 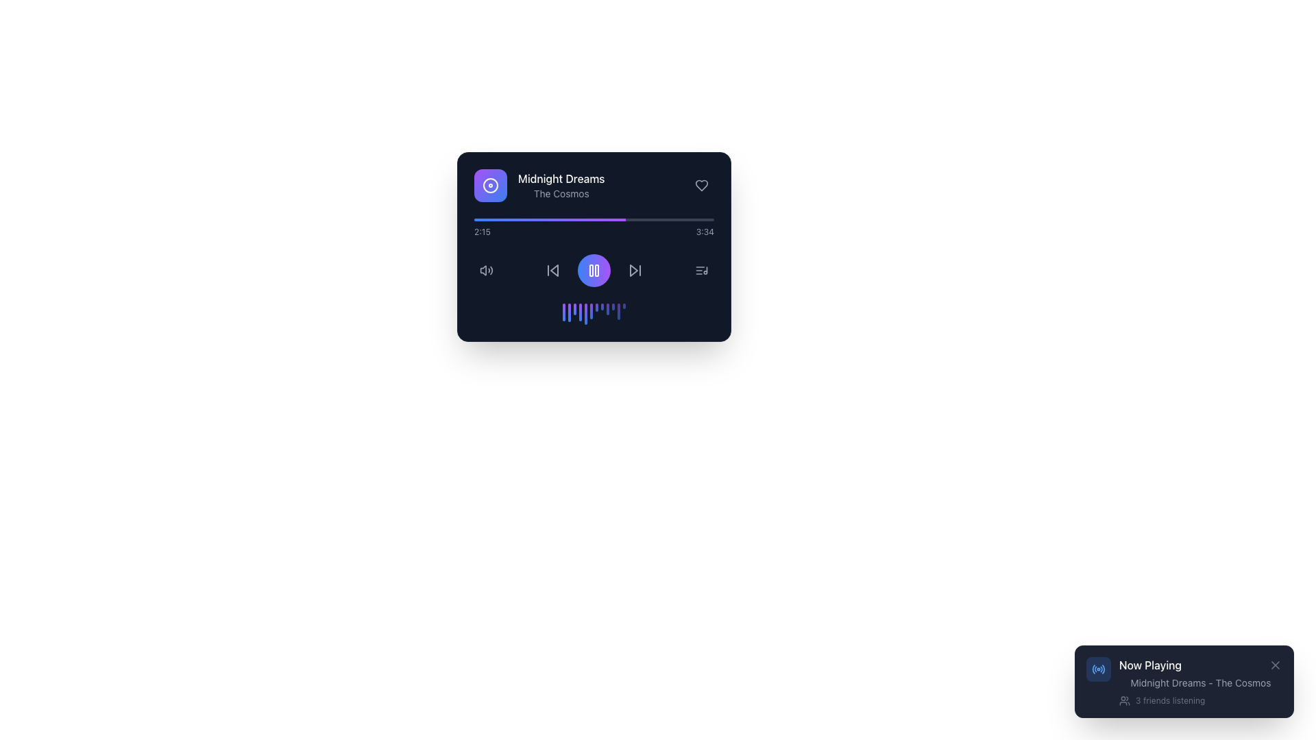 What do you see at coordinates (529, 219) in the screenshot?
I see `playback time` at bounding box center [529, 219].